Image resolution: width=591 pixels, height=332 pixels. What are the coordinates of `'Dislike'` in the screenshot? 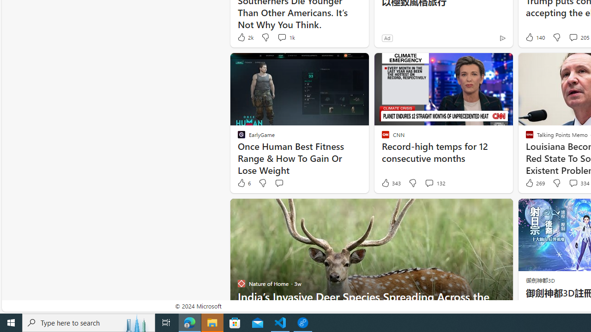 It's located at (556, 183).